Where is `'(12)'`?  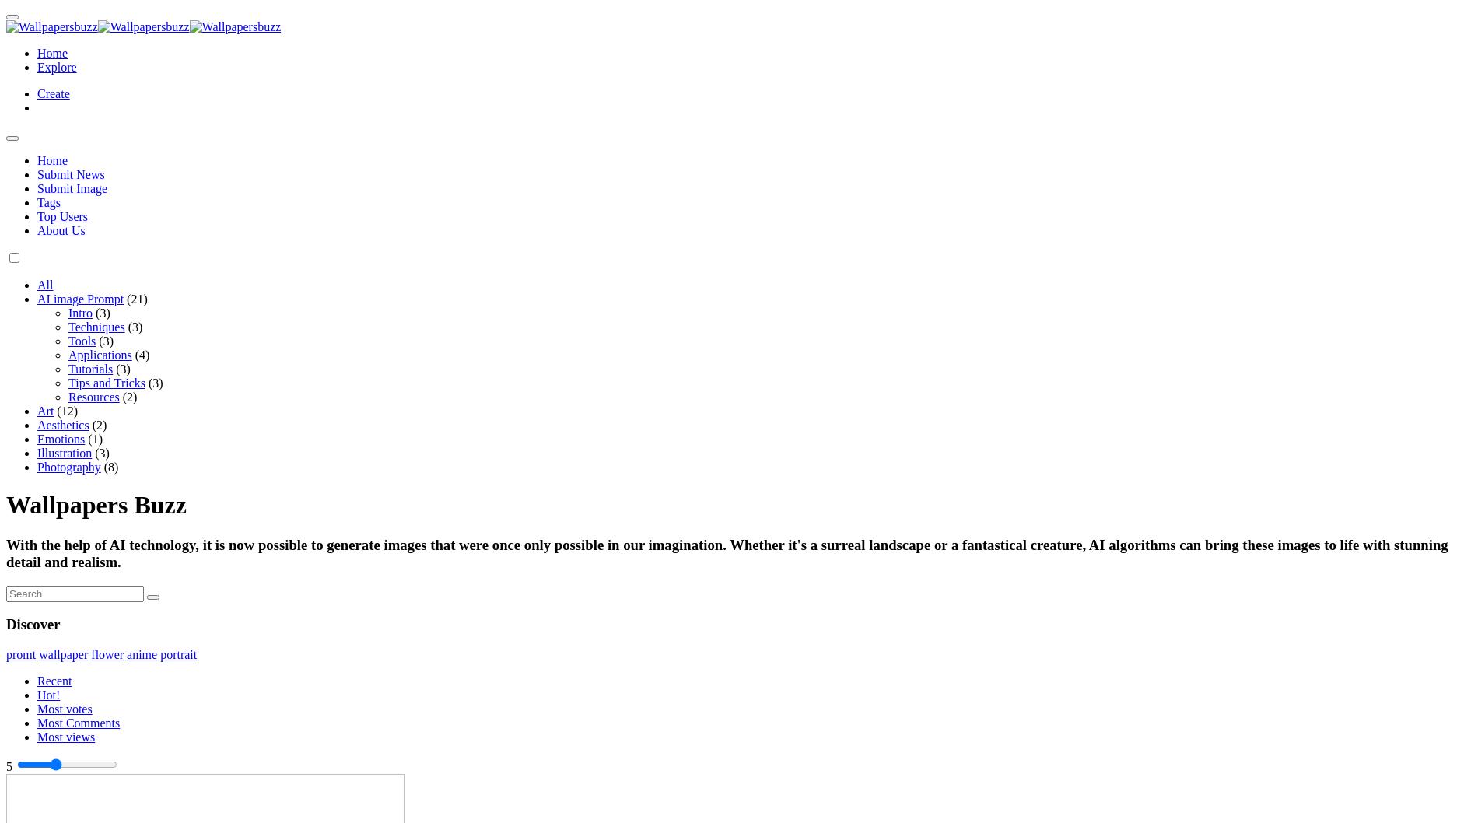 '(12)' is located at coordinates (67, 410).